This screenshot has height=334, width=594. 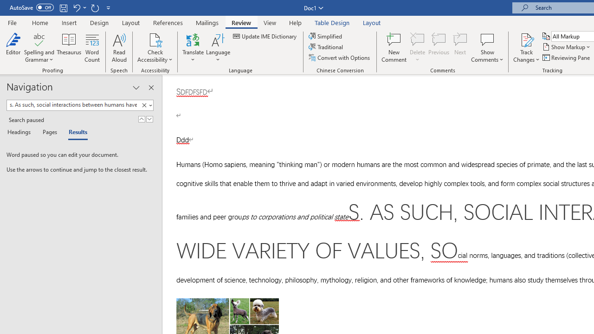 What do you see at coordinates (155, 48) in the screenshot?
I see `'Check Accessibility'` at bounding box center [155, 48].